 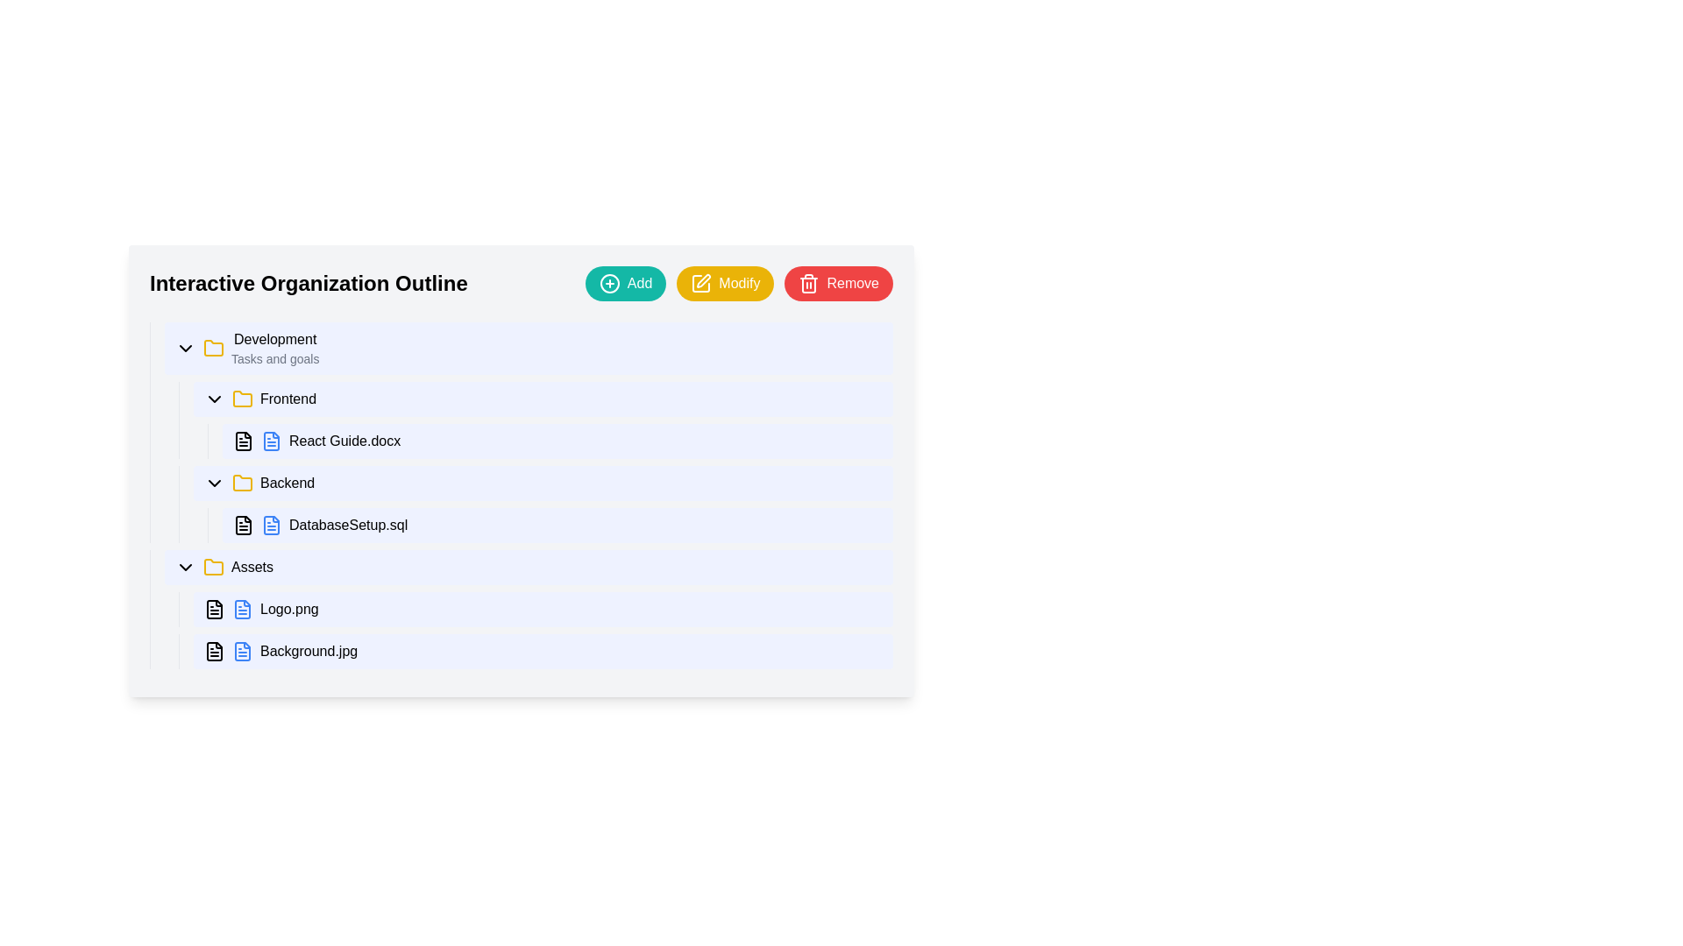 What do you see at coordinates (289, 608) in the screenshot?
I see `the text label representing the file named 'Logo.png' located in the third row under the folder 'Assets' in the file explorer interface` at bounding box center [289, 608].